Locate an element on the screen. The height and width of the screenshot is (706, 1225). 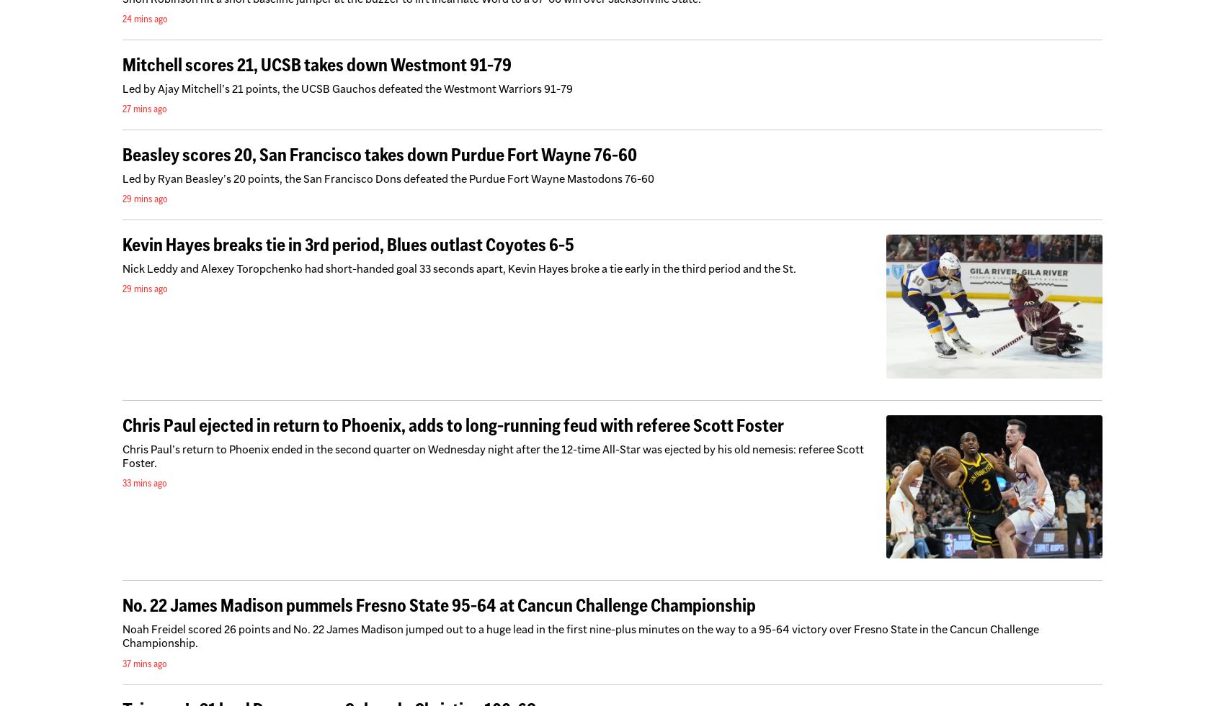
'Led by Ajay Mitchell’s 21 points, the UCSB Gauchos defeated the Westmont Warriors 91-79' is located at coordinates (122, 87).